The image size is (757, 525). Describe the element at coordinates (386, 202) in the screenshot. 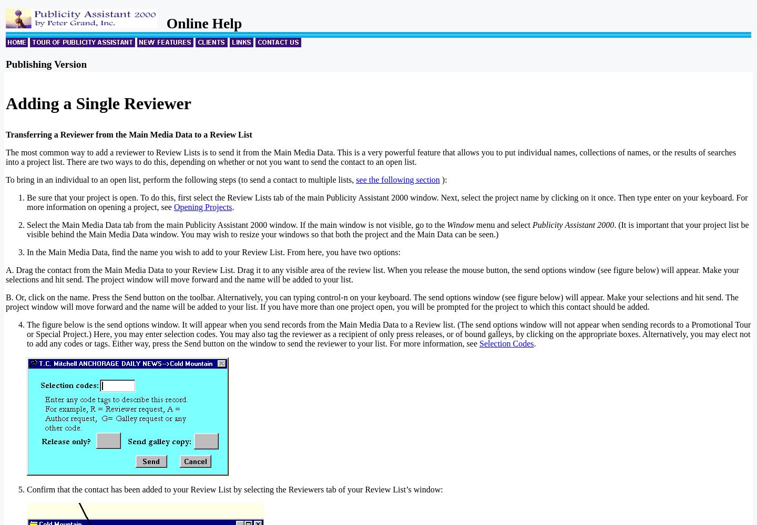

I see `'Be sure that your project is open.  To do this, first select the Review Lists
tab of the main Publicity Assistant 2000 window.  Next, select the project name
by clicking on it once.  Then type enter on your keyboard.  For more
information on opening a project, see'` at that location.